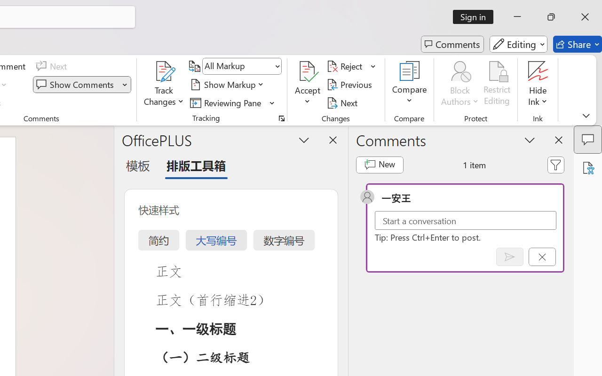 The image size is (602, 376). I want to click on 'Show Comments', so click(82, 84).